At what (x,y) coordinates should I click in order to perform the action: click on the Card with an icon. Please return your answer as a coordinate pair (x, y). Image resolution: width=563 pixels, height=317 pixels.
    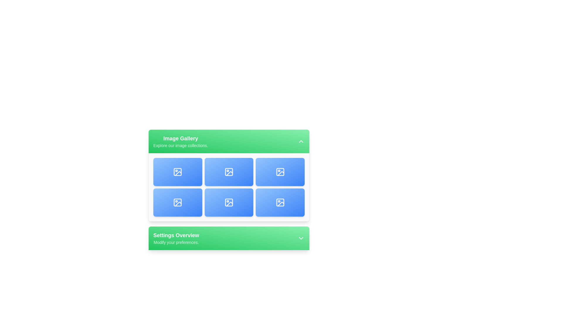
    Looking at the image, I should click on (229, 172).